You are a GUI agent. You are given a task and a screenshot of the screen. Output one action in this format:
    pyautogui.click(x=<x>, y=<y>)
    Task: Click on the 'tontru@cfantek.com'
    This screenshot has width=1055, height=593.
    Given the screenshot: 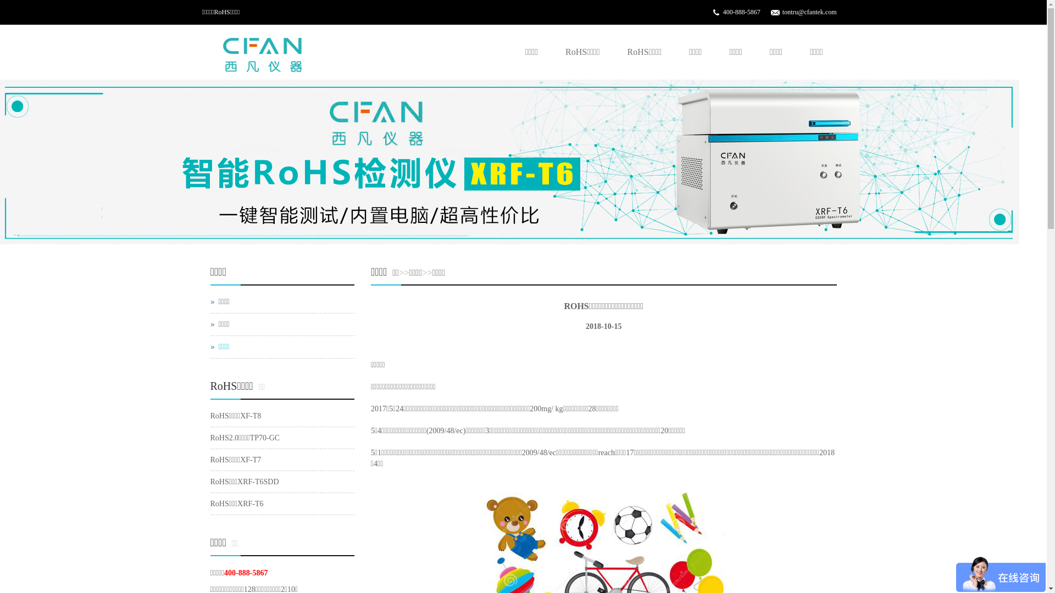 What is the action you would take?
    pyautogui.click(x=809, y=12)
    